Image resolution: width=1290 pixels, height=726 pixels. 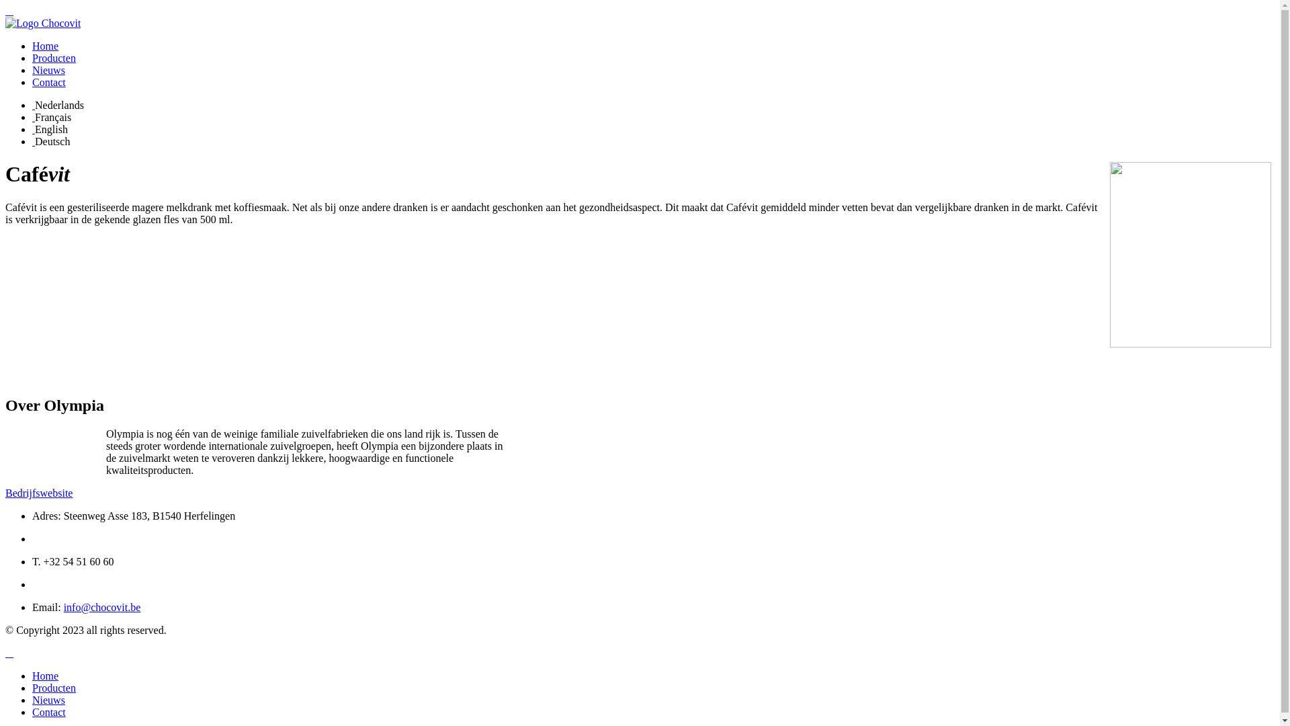 What do you see at coordinates (54, 688) in the screenshot?
I see `'Producten'` at bounding box center [54, 688].